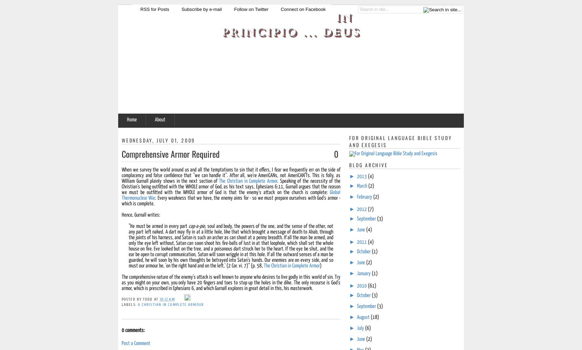 This screenshot has height=350, width=582. Describe the element at coordinates (129, 304) in the screenshot. I see `'Labels:'` at that location.